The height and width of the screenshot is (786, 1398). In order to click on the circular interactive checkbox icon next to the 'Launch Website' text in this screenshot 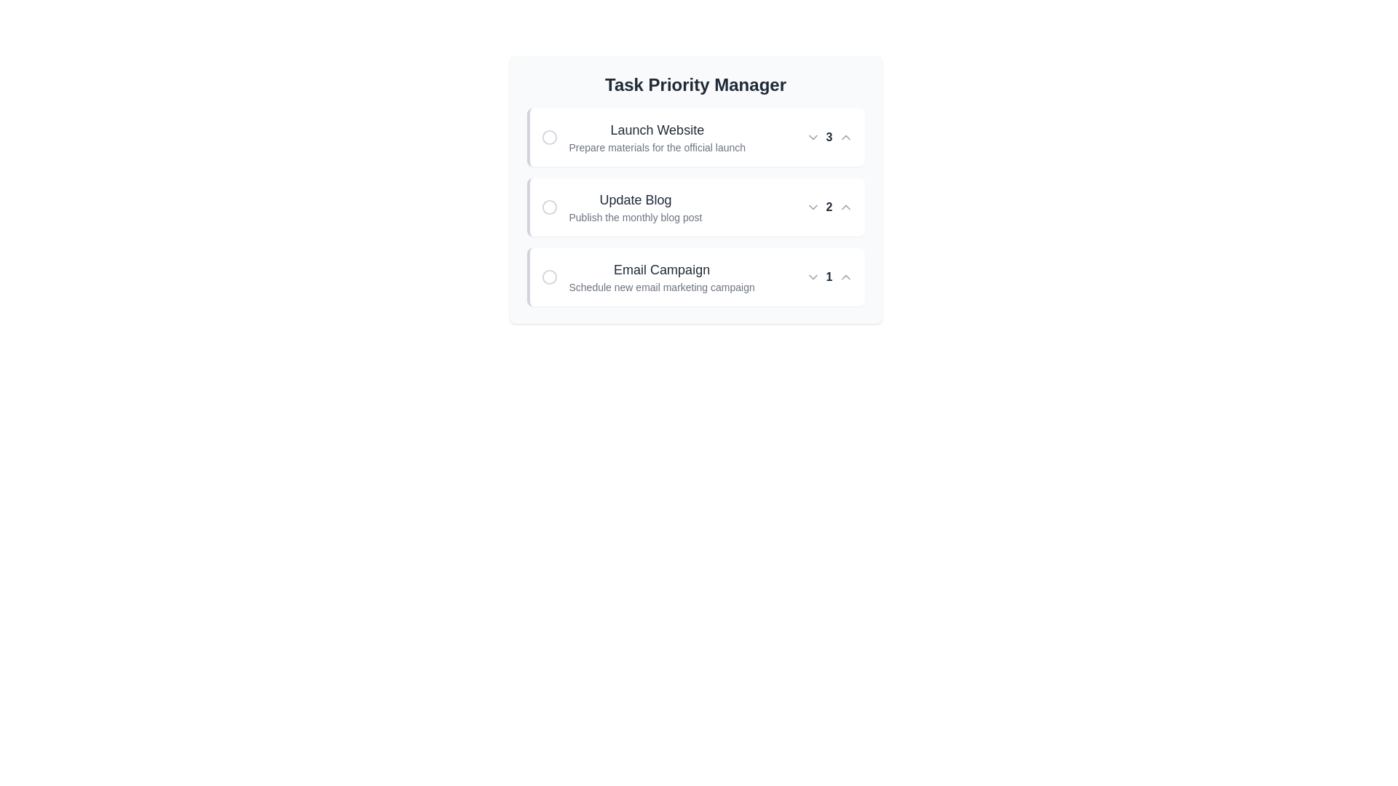, I will do `click(548, 138)`.